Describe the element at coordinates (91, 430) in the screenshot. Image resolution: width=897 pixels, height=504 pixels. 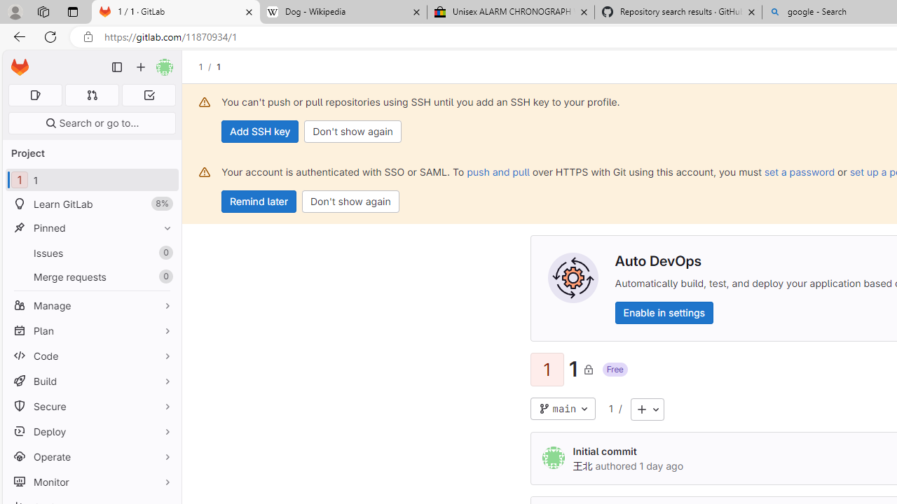
I see `'Deploy'` at that location.